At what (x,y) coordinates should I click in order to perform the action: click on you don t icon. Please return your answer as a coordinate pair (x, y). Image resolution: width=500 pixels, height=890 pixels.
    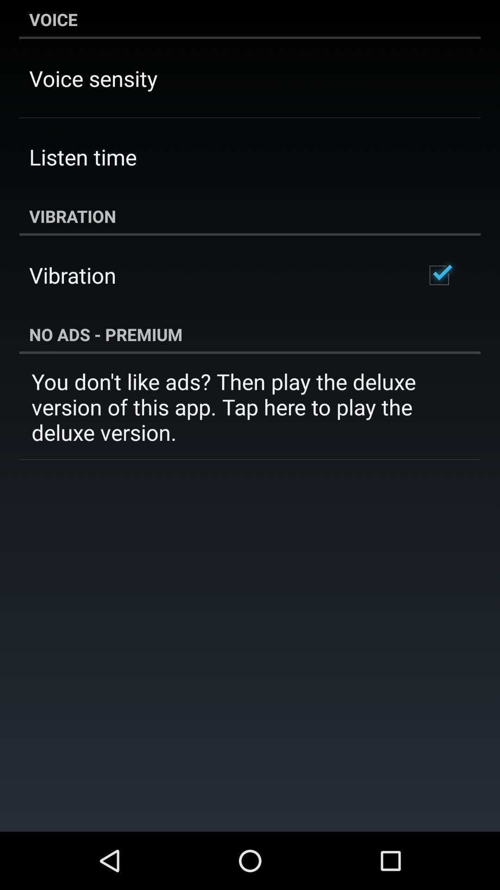
    Looking at the image, I should click on (250, 407).